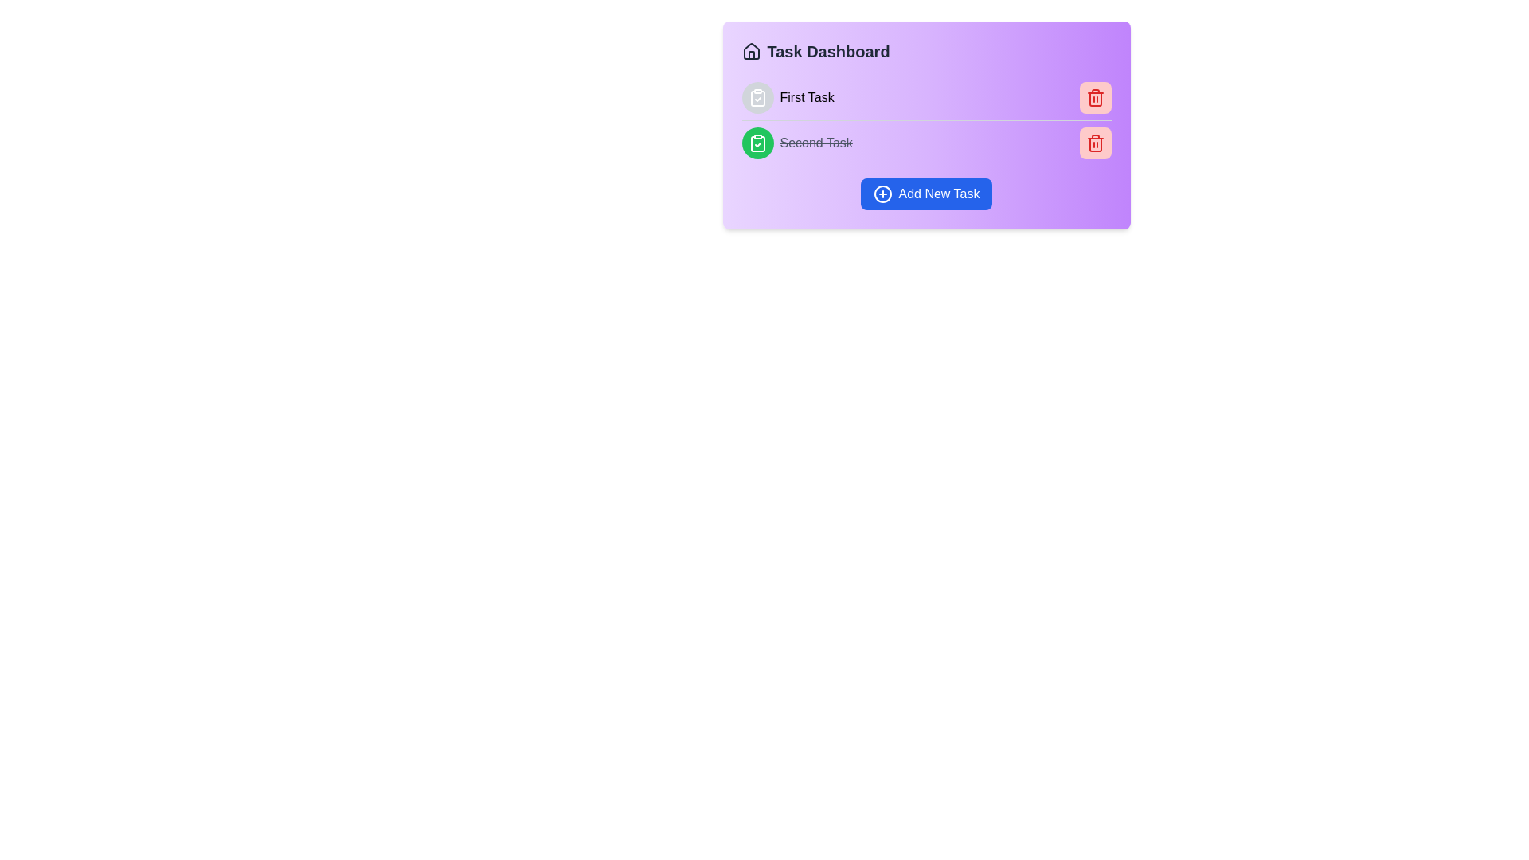  Describe the element at coordinates (797, 143) in the screenshot. I see `the green circular icon with a white clipboard symbol and the strikethrough text 'Second Task', indicating a completed task in the purple task panel` at that location.